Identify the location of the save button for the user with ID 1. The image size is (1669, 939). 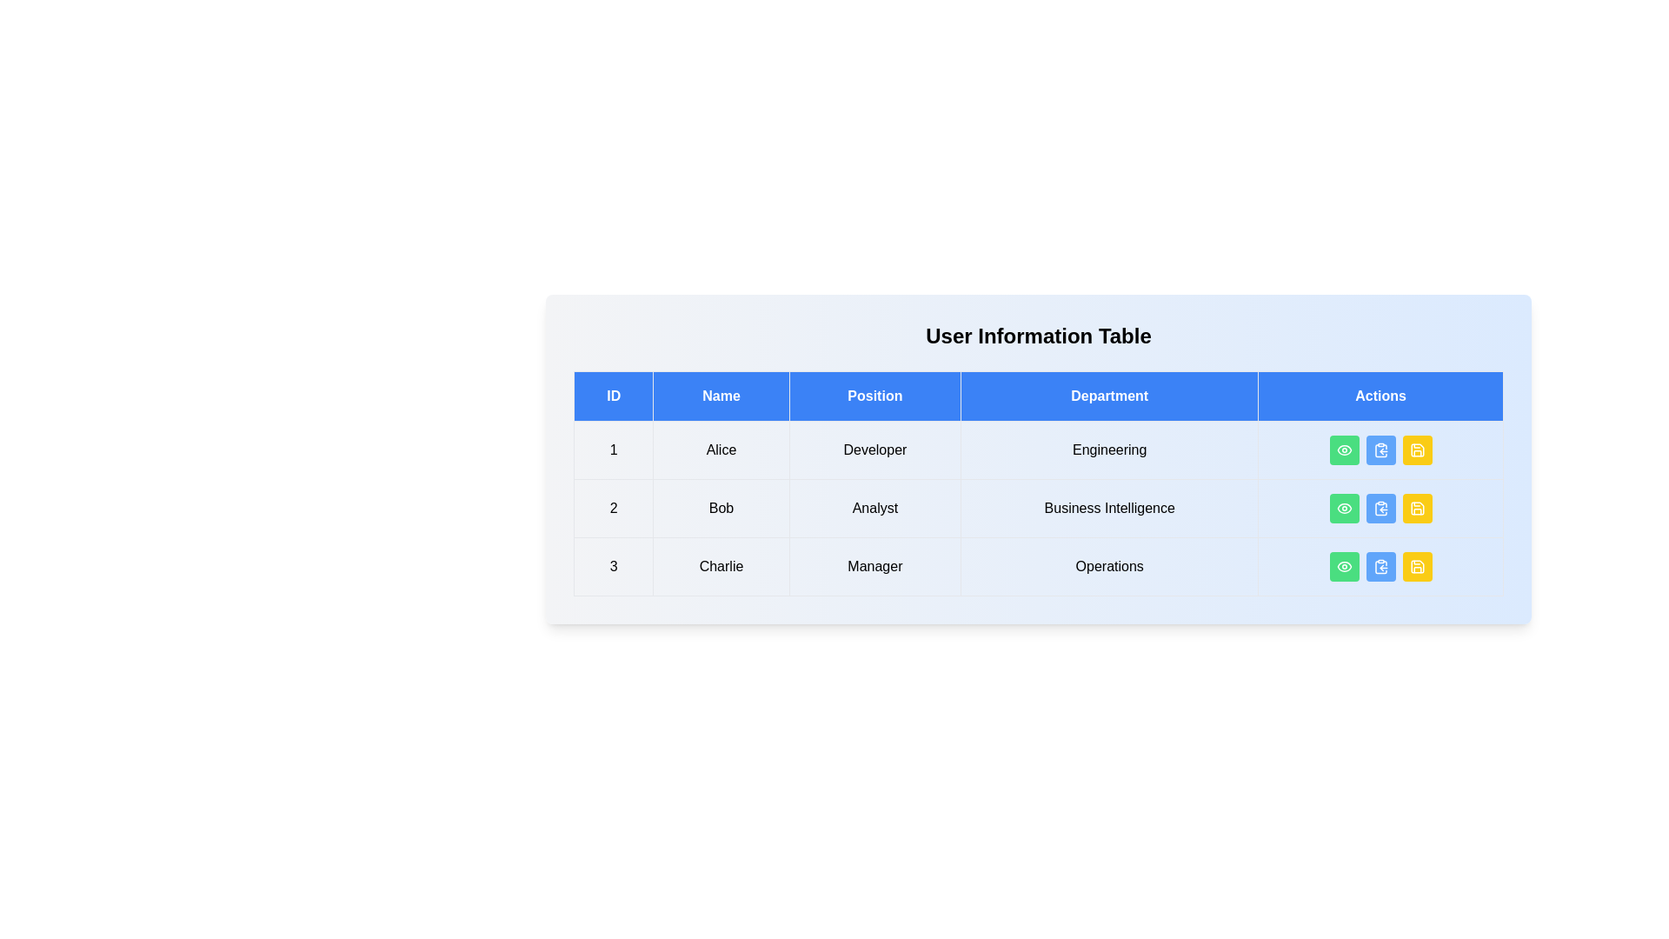
(1417, 449).